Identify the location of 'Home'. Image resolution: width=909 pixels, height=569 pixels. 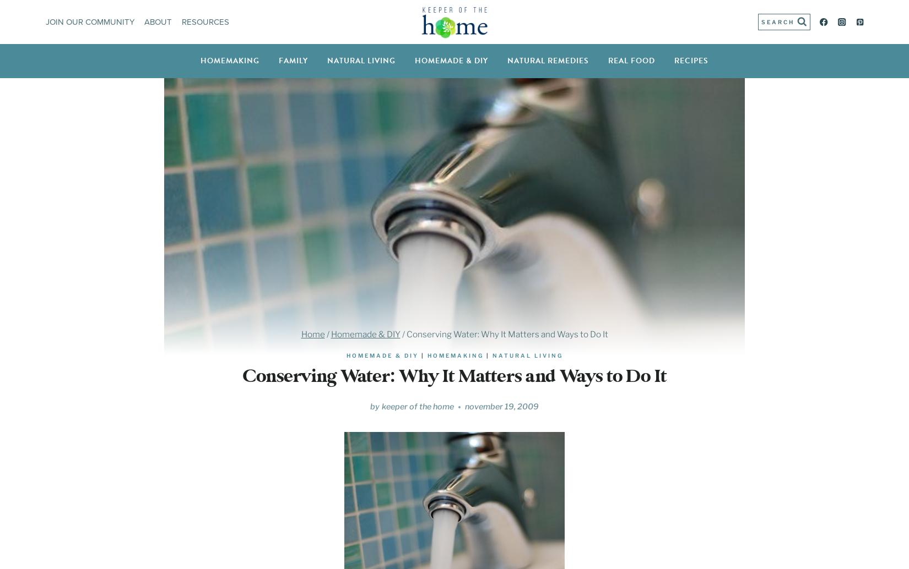
(300, 333).